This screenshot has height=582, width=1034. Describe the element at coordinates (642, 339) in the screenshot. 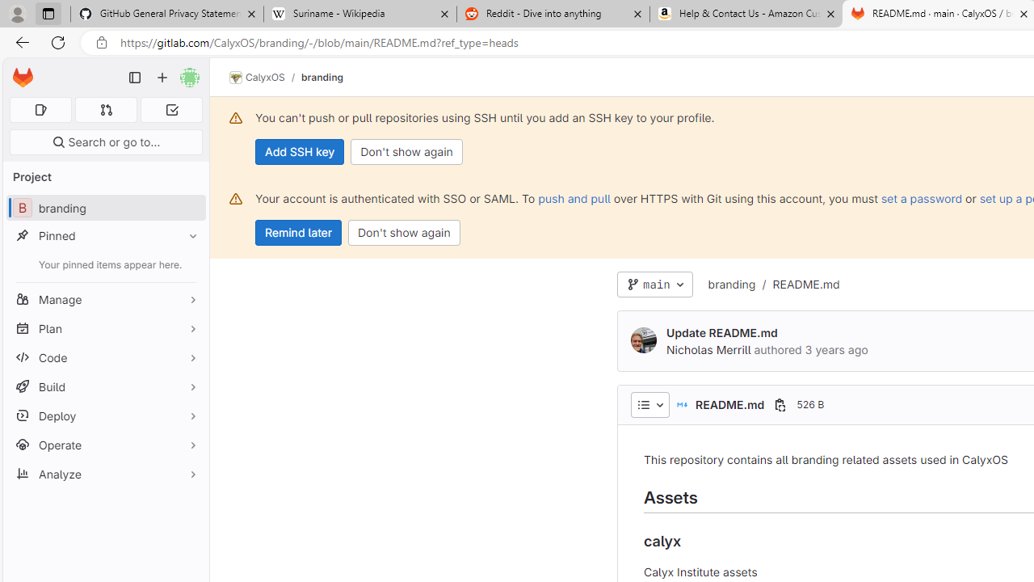

I see `'Nicholas Merrill'` at that location.